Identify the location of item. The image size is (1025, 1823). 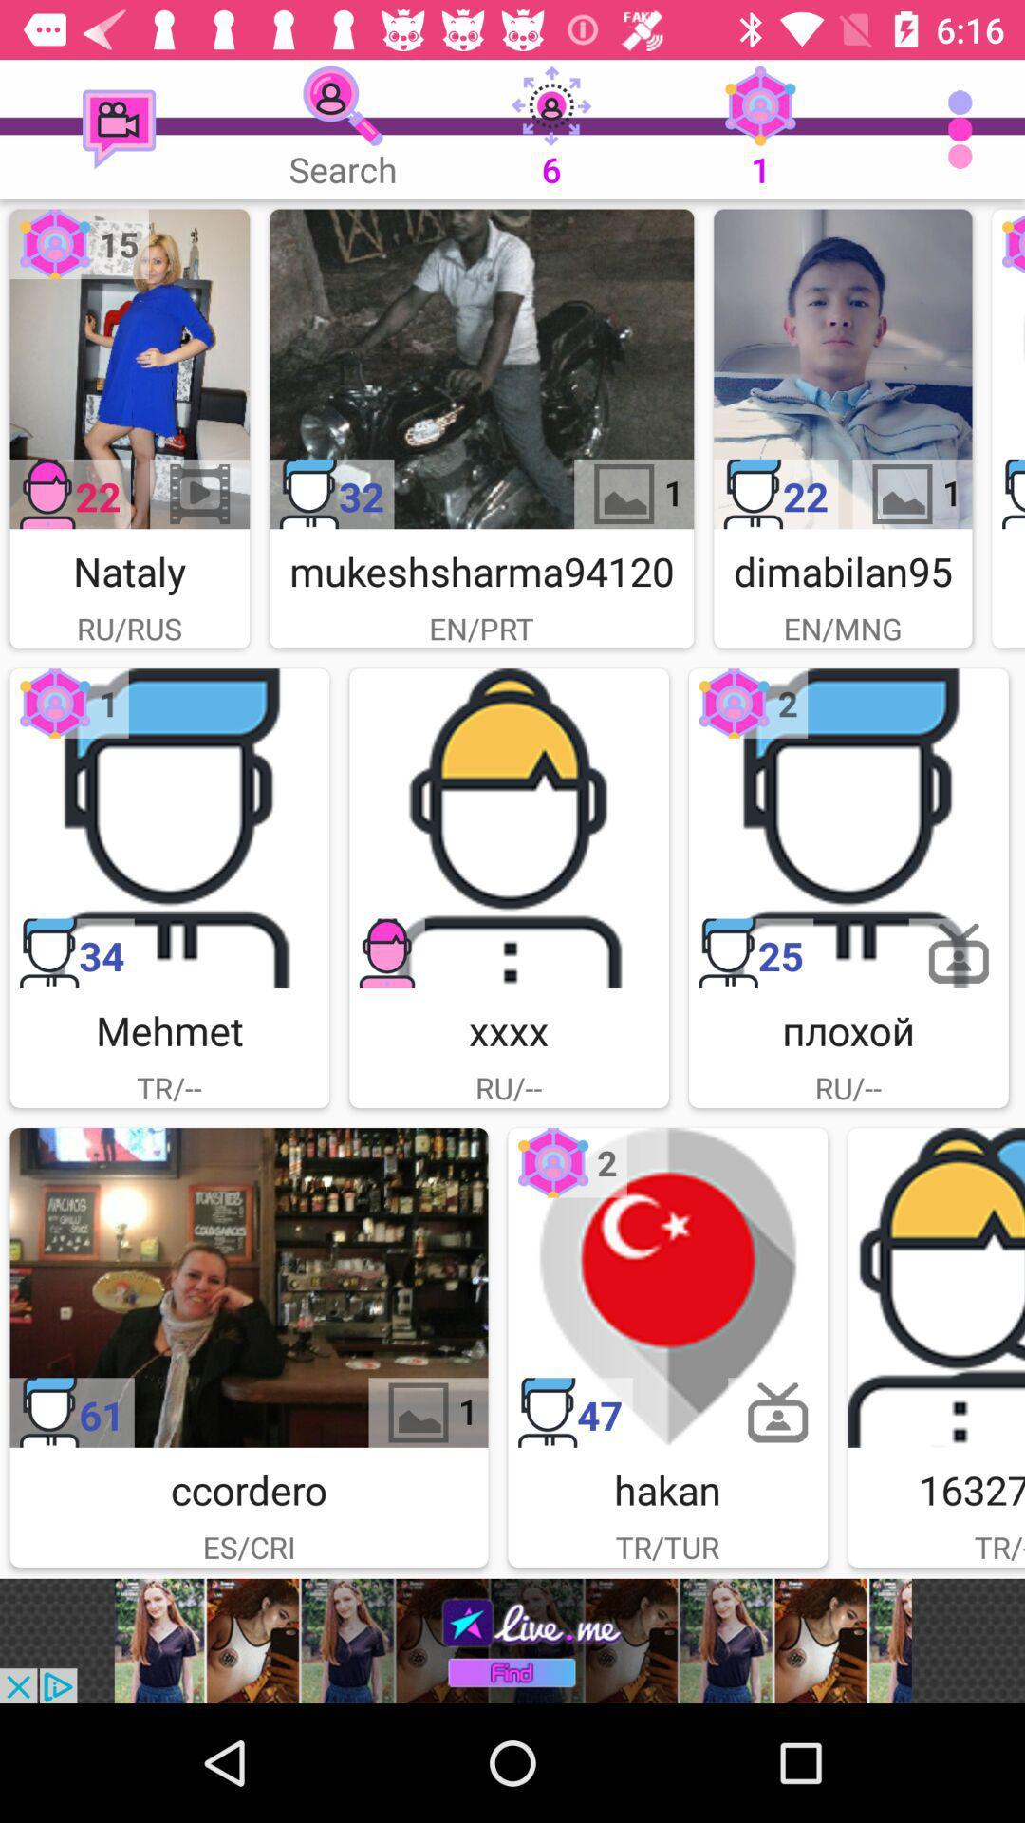
(666, 1287).